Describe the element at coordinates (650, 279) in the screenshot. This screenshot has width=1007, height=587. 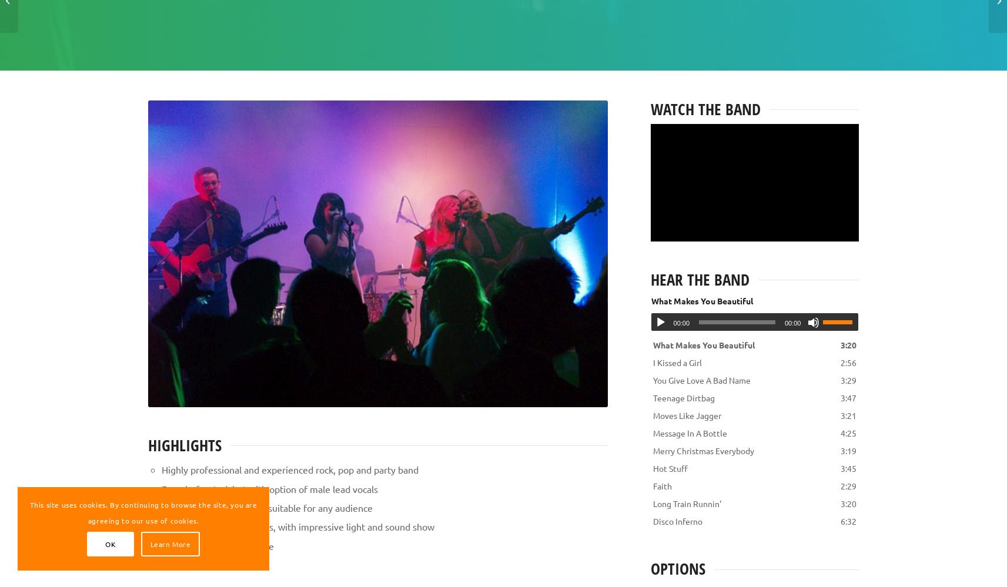
I see `'Hear the band'` at that location.